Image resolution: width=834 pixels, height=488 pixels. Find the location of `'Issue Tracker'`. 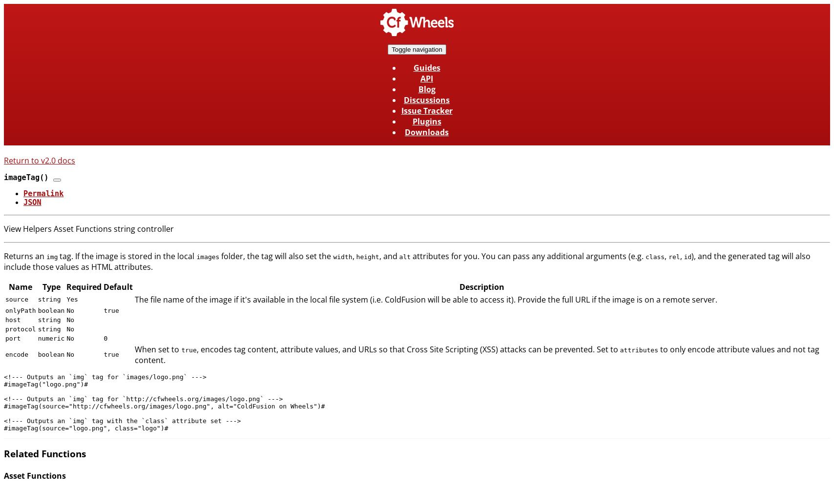

'Issue Tracker' is located at coordinates (426, 110).